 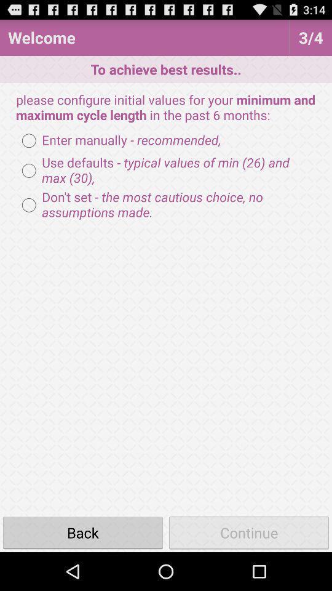 I want to click on icon to the right of the back, so click(x=249, y=532).